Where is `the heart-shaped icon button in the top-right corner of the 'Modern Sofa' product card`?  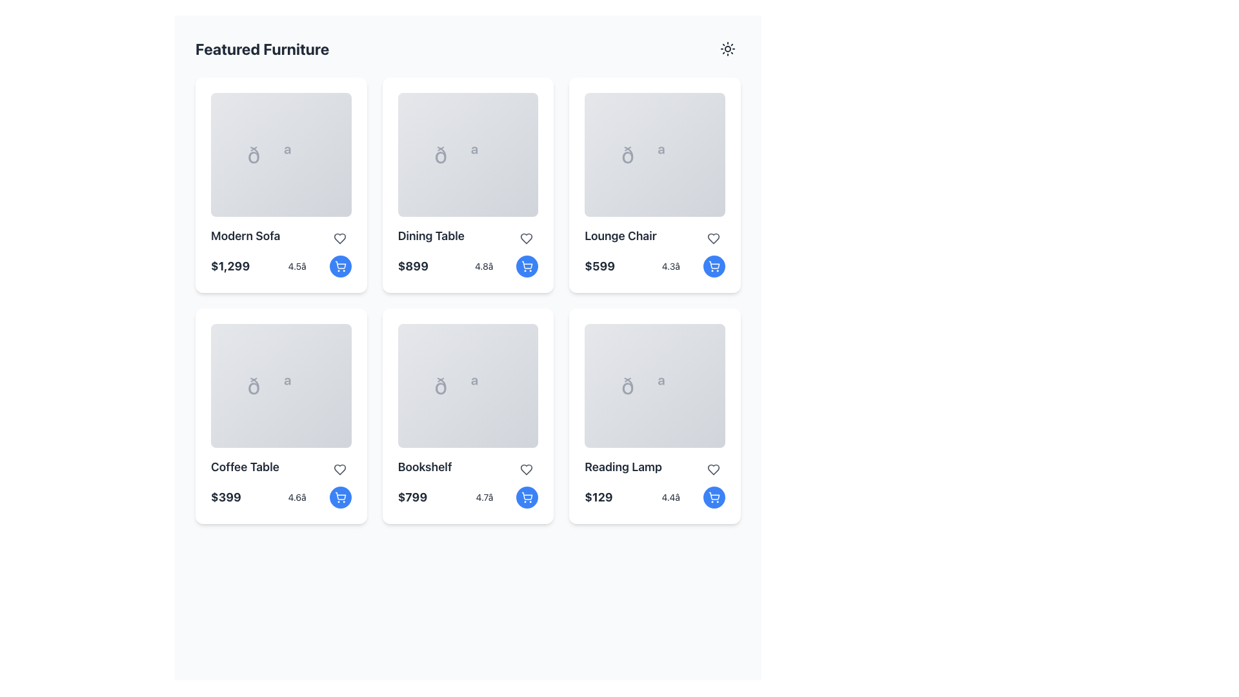
the heart-shaped icon button in the top-right corner of the 'Modern Sofa' product card is located at coordinates (339, 239).